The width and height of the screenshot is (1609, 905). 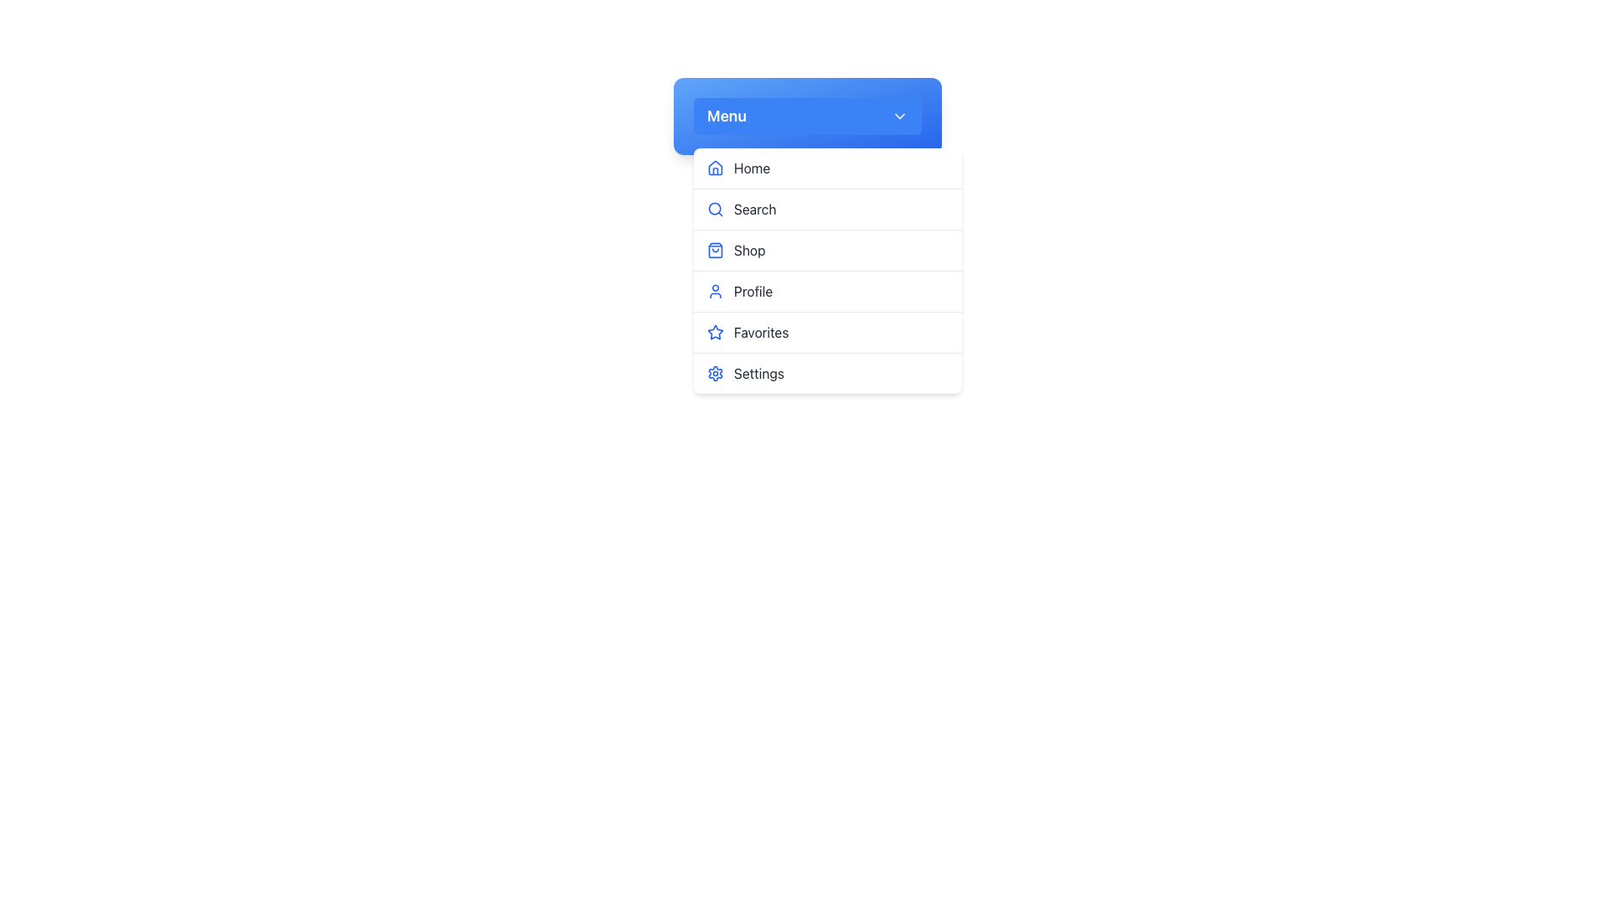 What do you see at coordinates (808, 115) in the screenshot?
I see `the Dropdown Trigger element to navigate through the dropdown menu items` at bounding box center [808, 115].